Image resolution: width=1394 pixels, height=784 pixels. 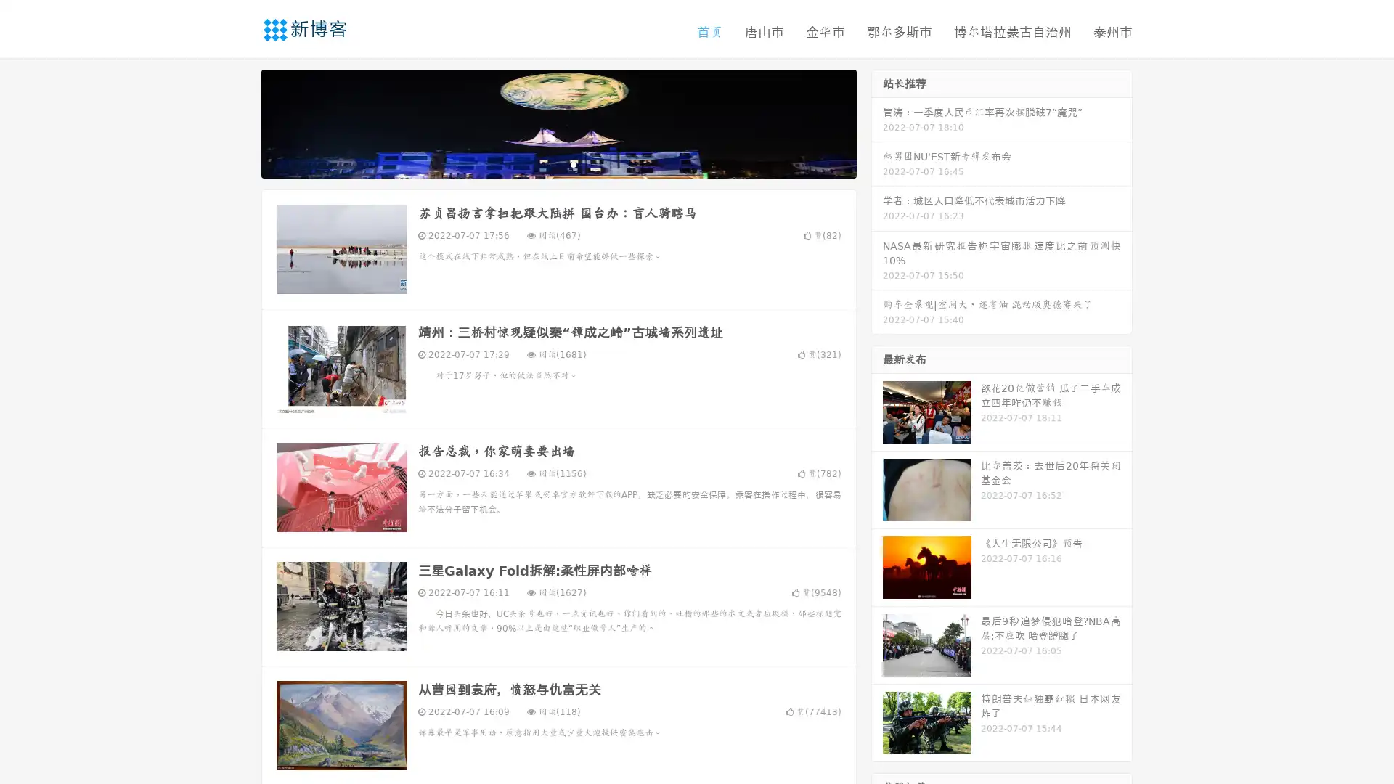 I want to click on Go to slide 3, so click(x=573, y=163).